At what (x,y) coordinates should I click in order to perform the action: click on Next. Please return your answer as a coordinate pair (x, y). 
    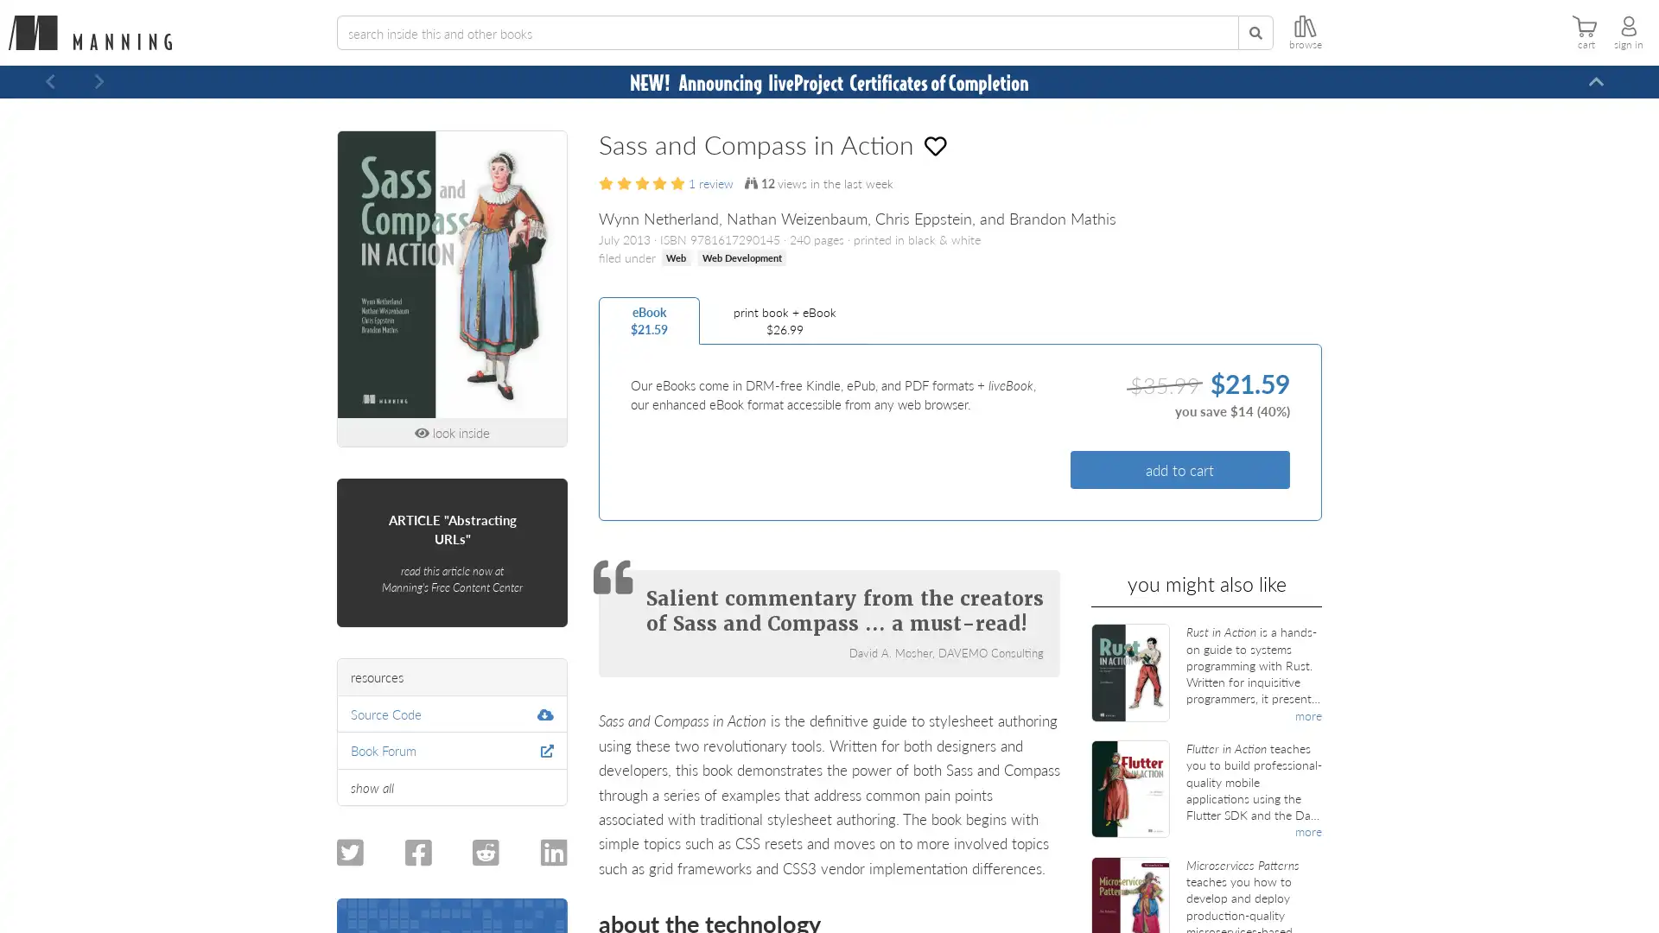
    Looking at the image, I should click on (99, 82).